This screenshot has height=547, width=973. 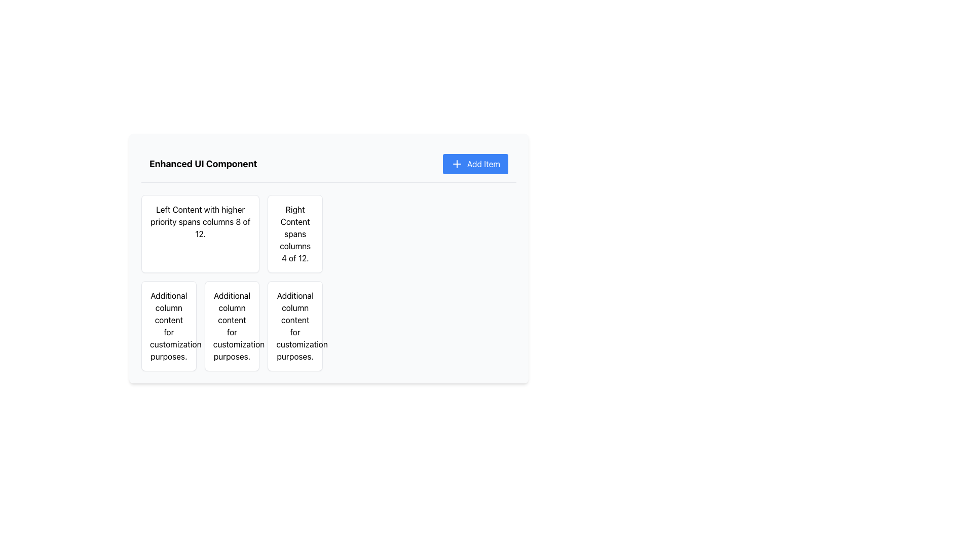 I want to click on text content of the Text content block positioned as the rightmost card in the bottom row of the grid layout, so click(x=294, y=326).